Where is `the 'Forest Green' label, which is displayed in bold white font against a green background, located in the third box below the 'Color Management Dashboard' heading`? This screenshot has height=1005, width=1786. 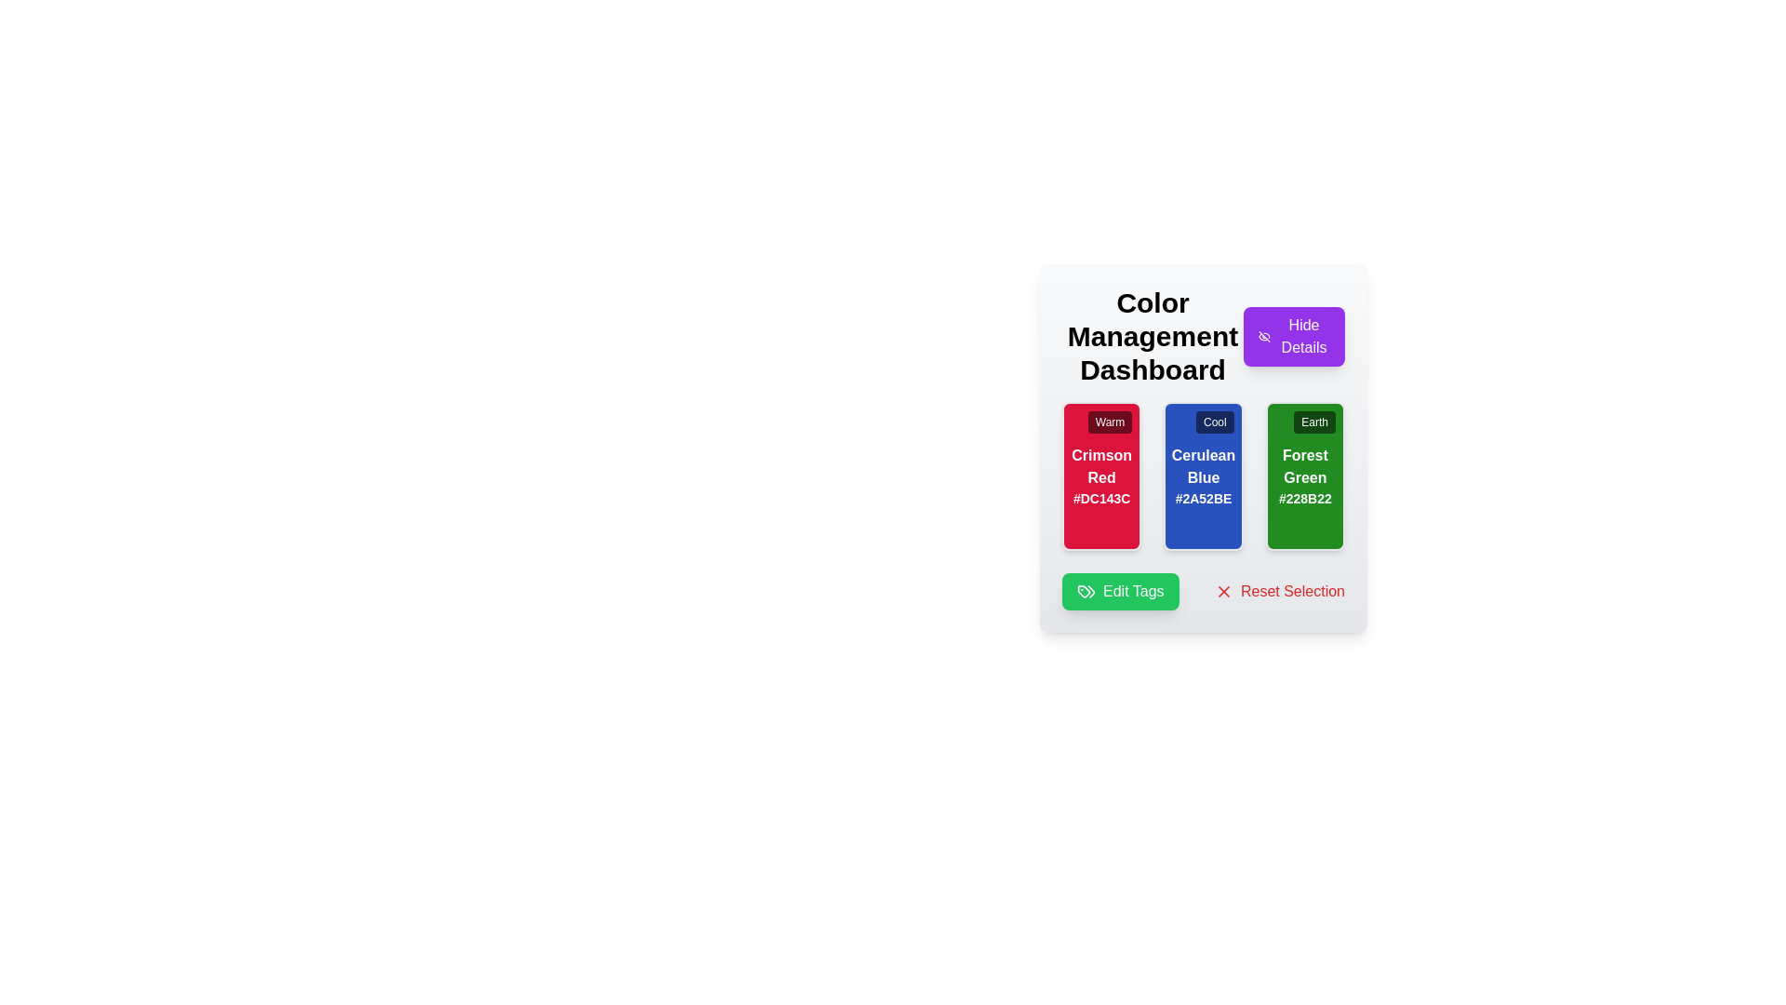 the 'Forest Green' label, which is displayed in bold white font against a green background, located in the third box below the 'Color Management Dashboard' heading is located at coordinates (1304, 465).